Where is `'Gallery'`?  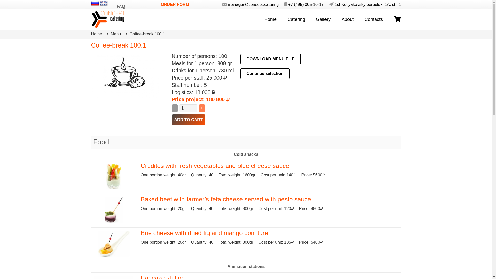
'Gallery' is located at coordinates (323, 19).